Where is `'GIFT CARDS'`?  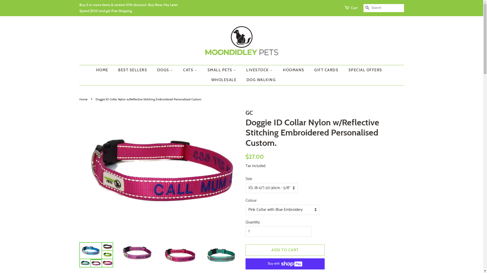
'GIFT CARDS' is located at coordinates (327, 70).